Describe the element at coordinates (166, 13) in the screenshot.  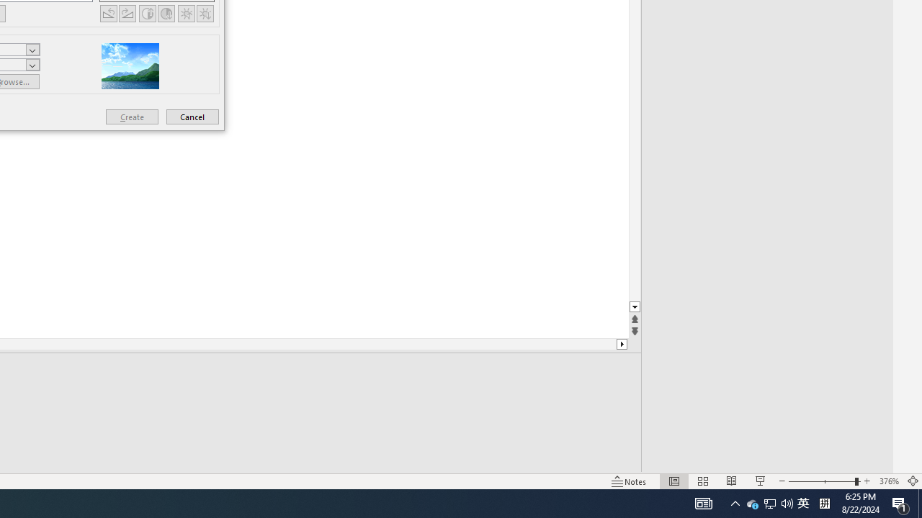
I see `'Less Contrast'` at that location.